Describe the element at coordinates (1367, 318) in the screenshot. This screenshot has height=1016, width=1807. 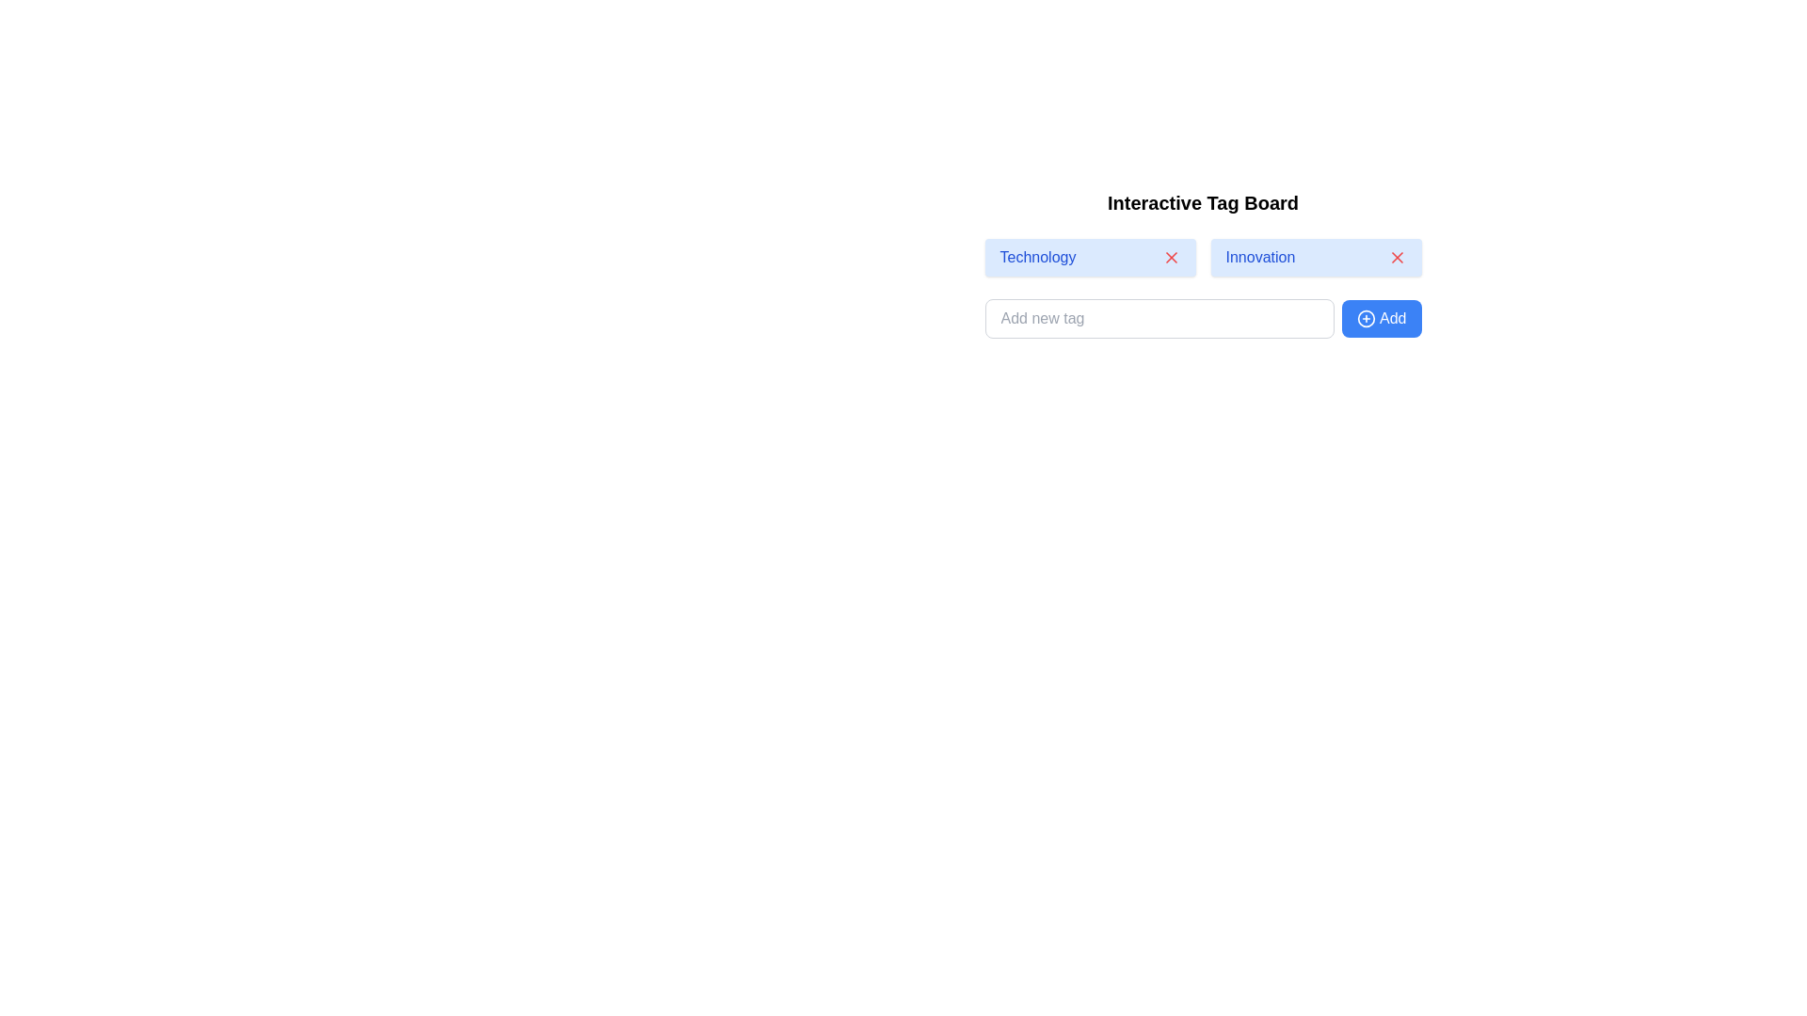
I see `the leftmost icon of the 'Add' button` at that location.